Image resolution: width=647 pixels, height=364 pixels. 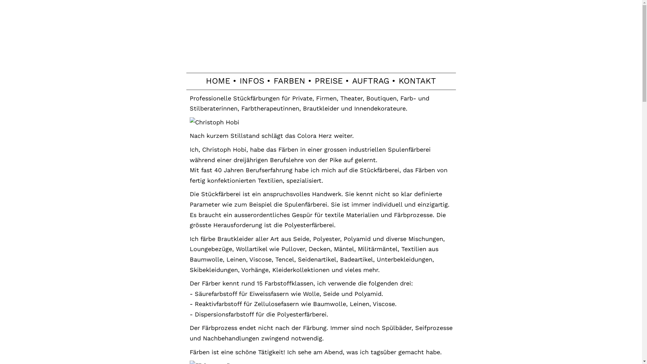 What do you see at coordinates (352, 80) in the screenshot?
I see `'AUFTRAG'` at bounding box center [352, 80].